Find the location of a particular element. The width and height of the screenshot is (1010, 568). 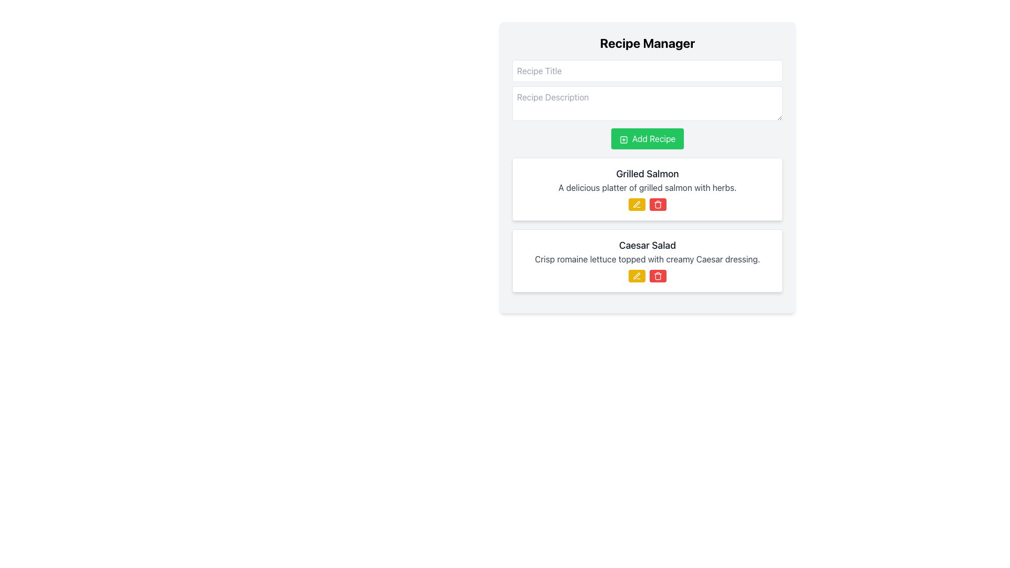

the delete button associated with the 'Grilled Salmon' recipe to prompt the deletion action or confirmation dialog is located at coordinates (658, 205).